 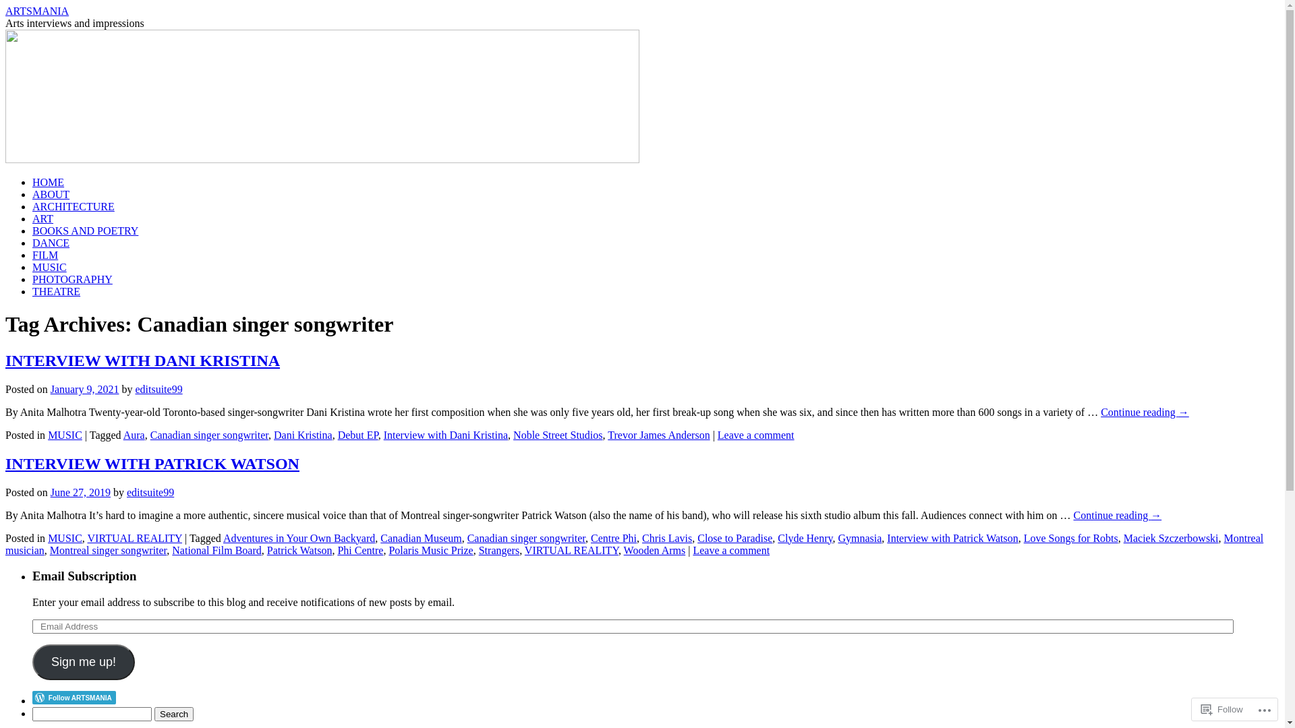 I want to click on 'PHOTOGRAPHY', so click(x=71, y=278).